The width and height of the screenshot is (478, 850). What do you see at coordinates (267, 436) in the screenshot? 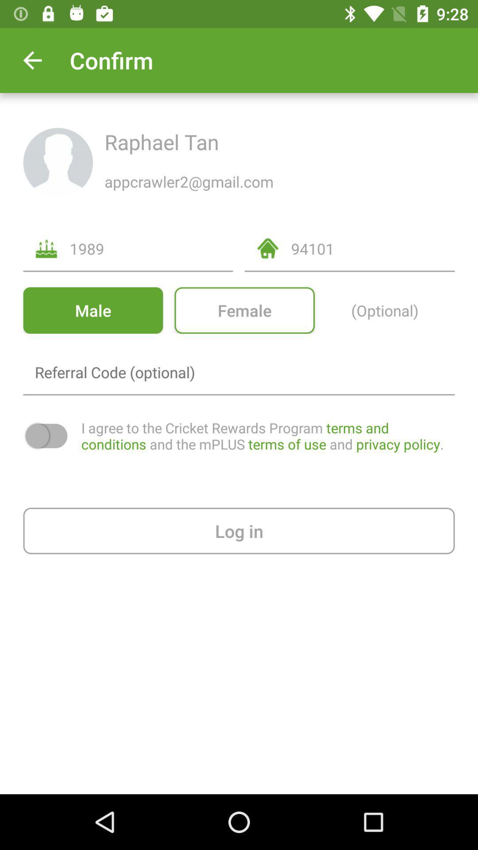
I see `icon above the log in` at bounding box center [267, 436].